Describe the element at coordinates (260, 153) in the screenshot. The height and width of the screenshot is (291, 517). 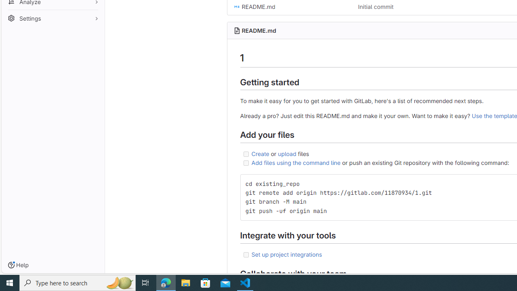
I see `'Create'` at that location.